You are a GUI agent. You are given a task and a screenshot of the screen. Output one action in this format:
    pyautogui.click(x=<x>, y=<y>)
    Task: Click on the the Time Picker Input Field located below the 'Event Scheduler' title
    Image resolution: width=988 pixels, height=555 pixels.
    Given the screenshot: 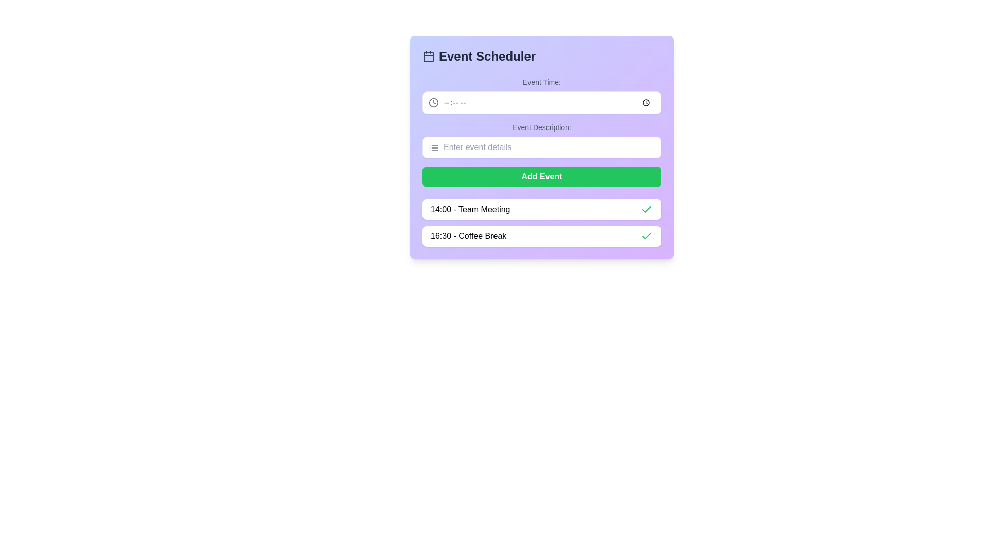 What is the action you would take?
    pyautogui.click(x=541, y=95)
    